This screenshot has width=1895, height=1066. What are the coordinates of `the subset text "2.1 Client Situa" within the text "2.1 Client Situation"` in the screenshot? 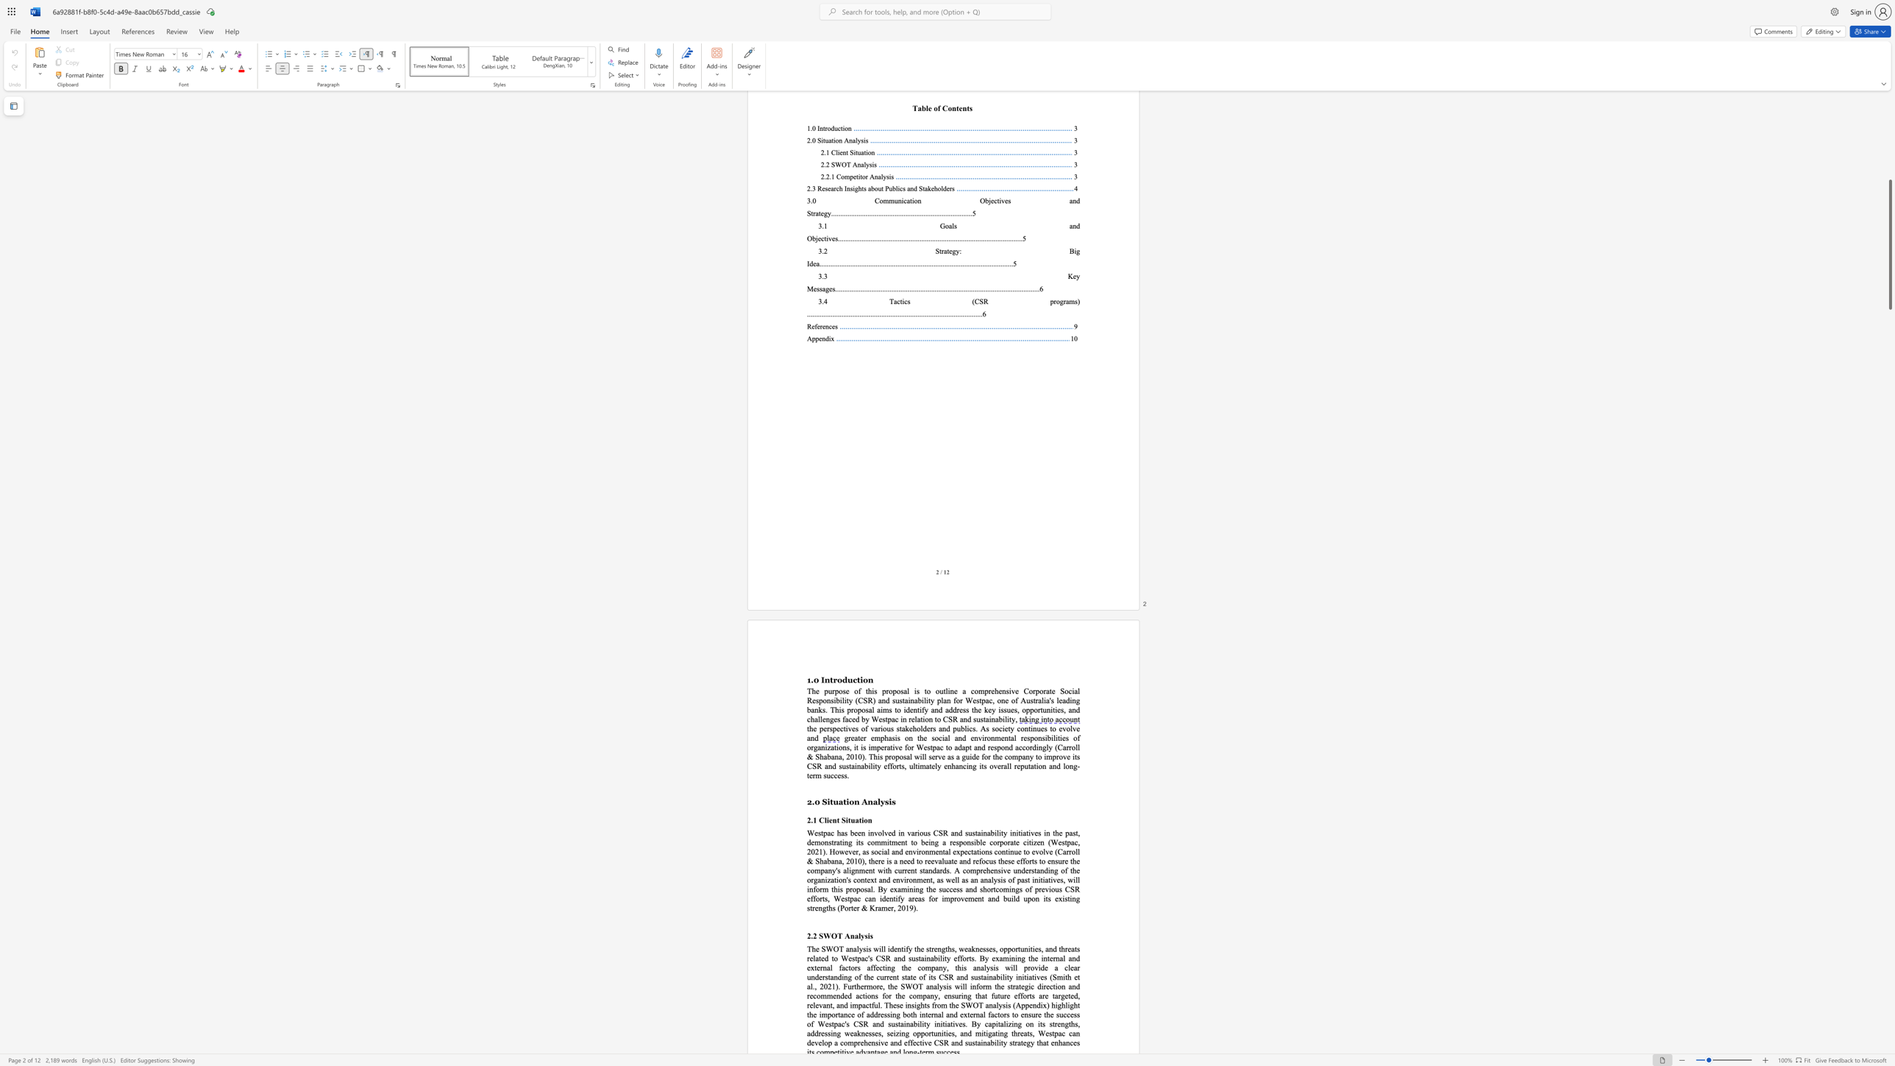 It's located at (806, 820).